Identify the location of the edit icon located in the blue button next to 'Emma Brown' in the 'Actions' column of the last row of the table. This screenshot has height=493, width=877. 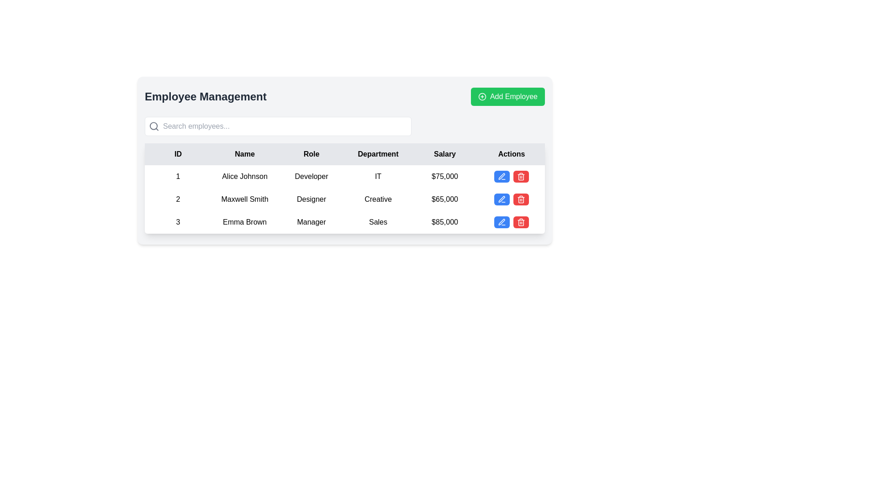
(502, 176).